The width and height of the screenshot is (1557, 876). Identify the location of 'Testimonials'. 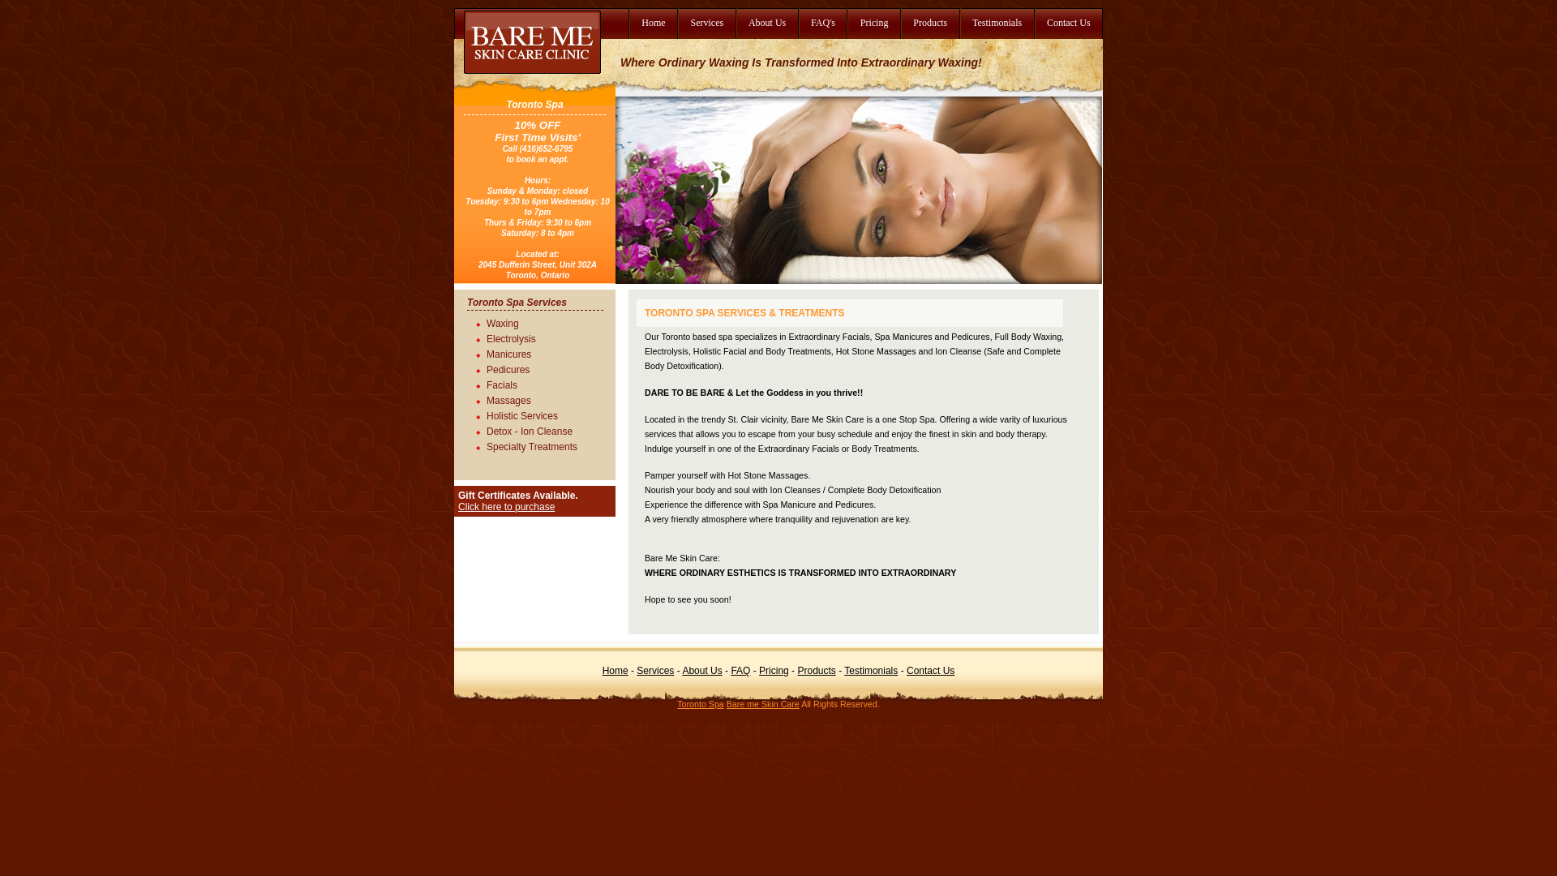
(995, 24).